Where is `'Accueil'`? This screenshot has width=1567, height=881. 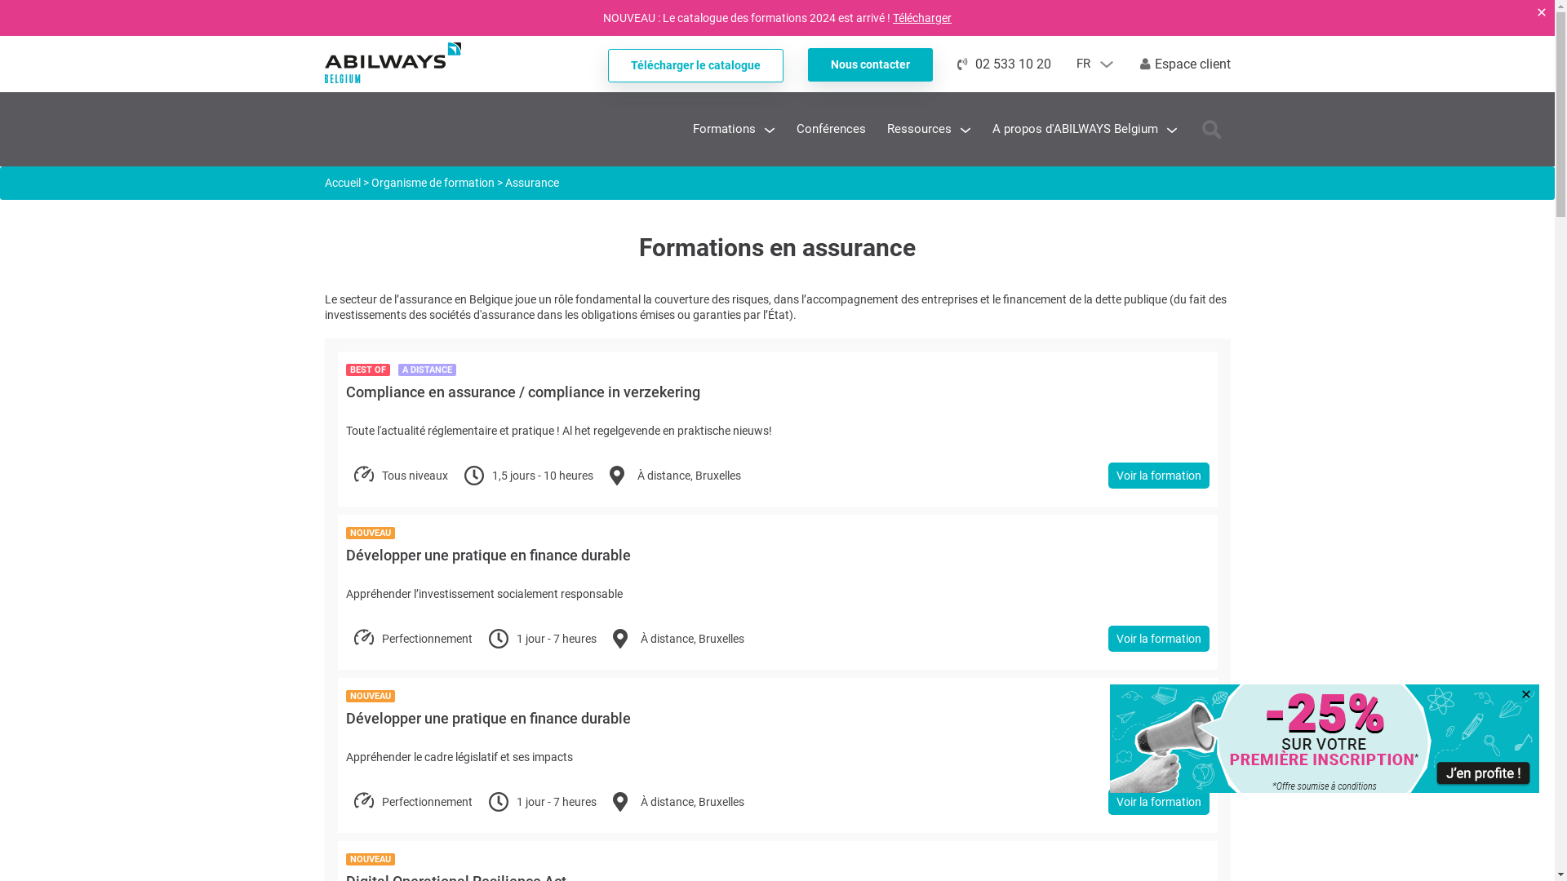
'Accueil' is located at coordinates (342, 182).